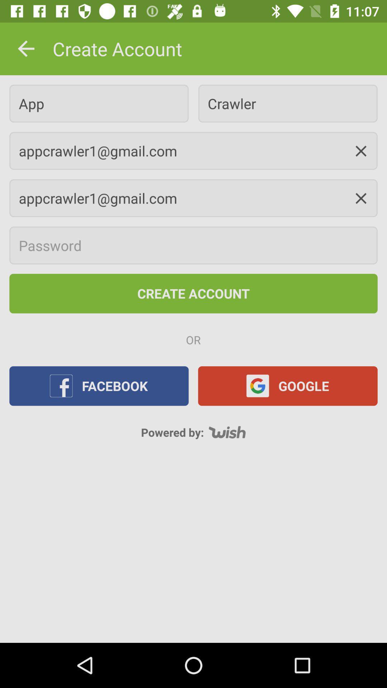  What do you see at coordinates (193, 245) in the screenshot?
I see `password entry` at bounding box center [193, 245].